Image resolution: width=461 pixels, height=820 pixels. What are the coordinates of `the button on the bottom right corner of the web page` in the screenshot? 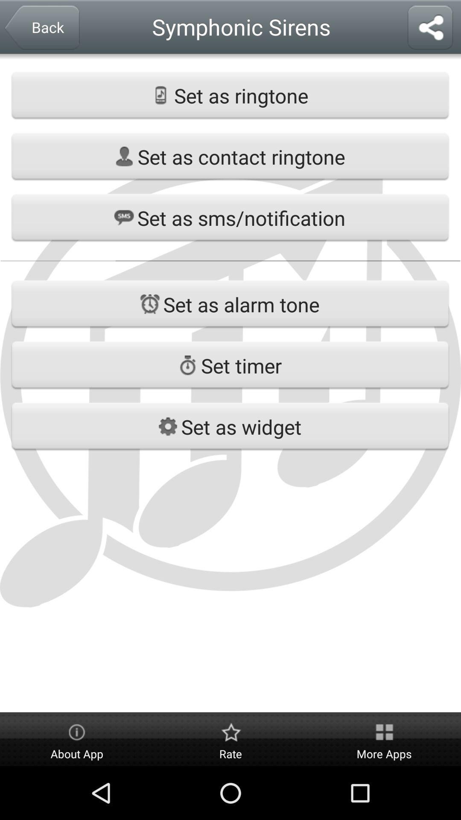 It's located at (384, 740).